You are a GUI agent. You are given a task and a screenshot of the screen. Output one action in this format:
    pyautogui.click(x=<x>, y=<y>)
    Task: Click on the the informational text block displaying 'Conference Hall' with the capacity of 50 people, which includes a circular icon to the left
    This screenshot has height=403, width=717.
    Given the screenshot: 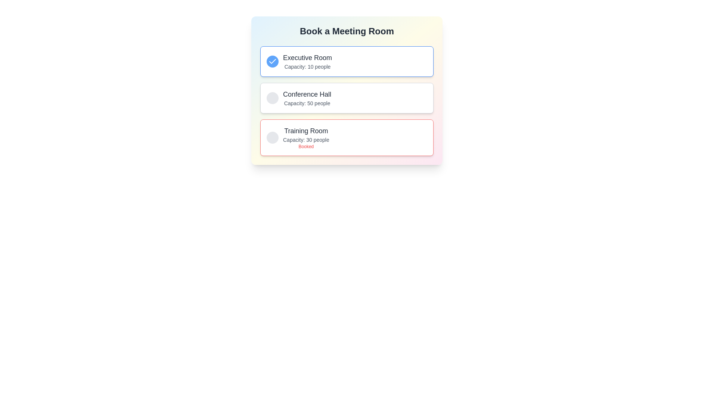 What is the action you would take?
    pyautogui.click(x=299, y=97)
    